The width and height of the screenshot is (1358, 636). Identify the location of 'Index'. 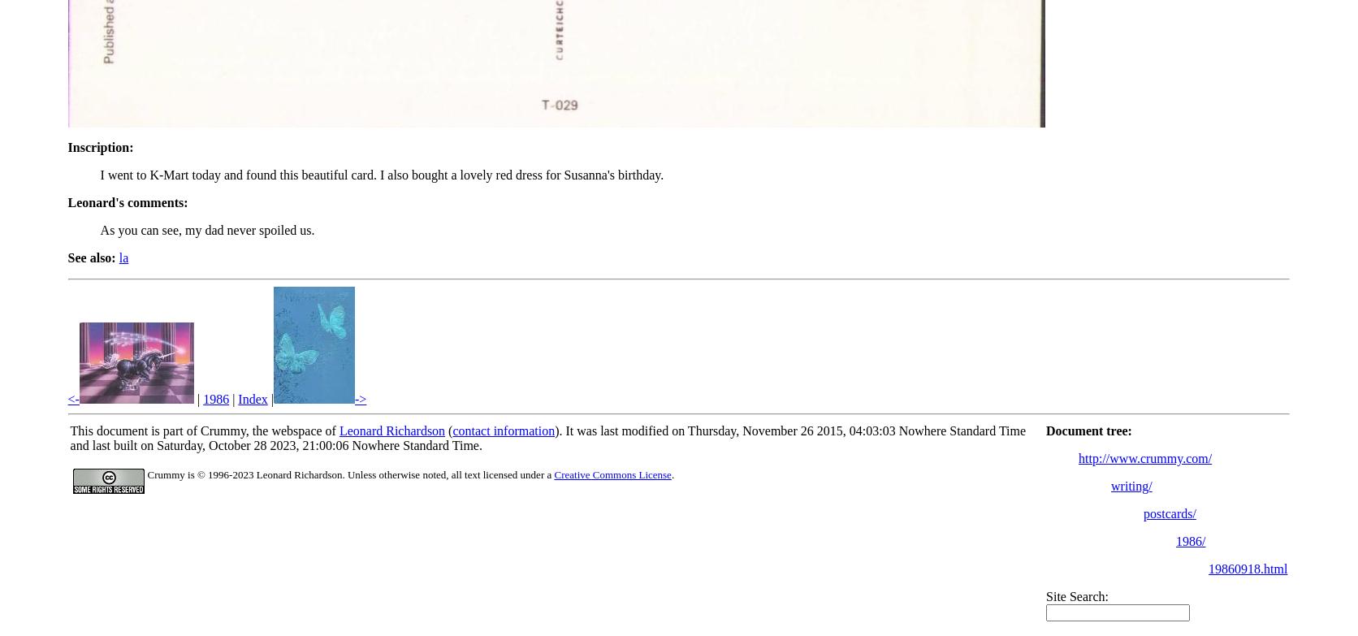
(252, 398).